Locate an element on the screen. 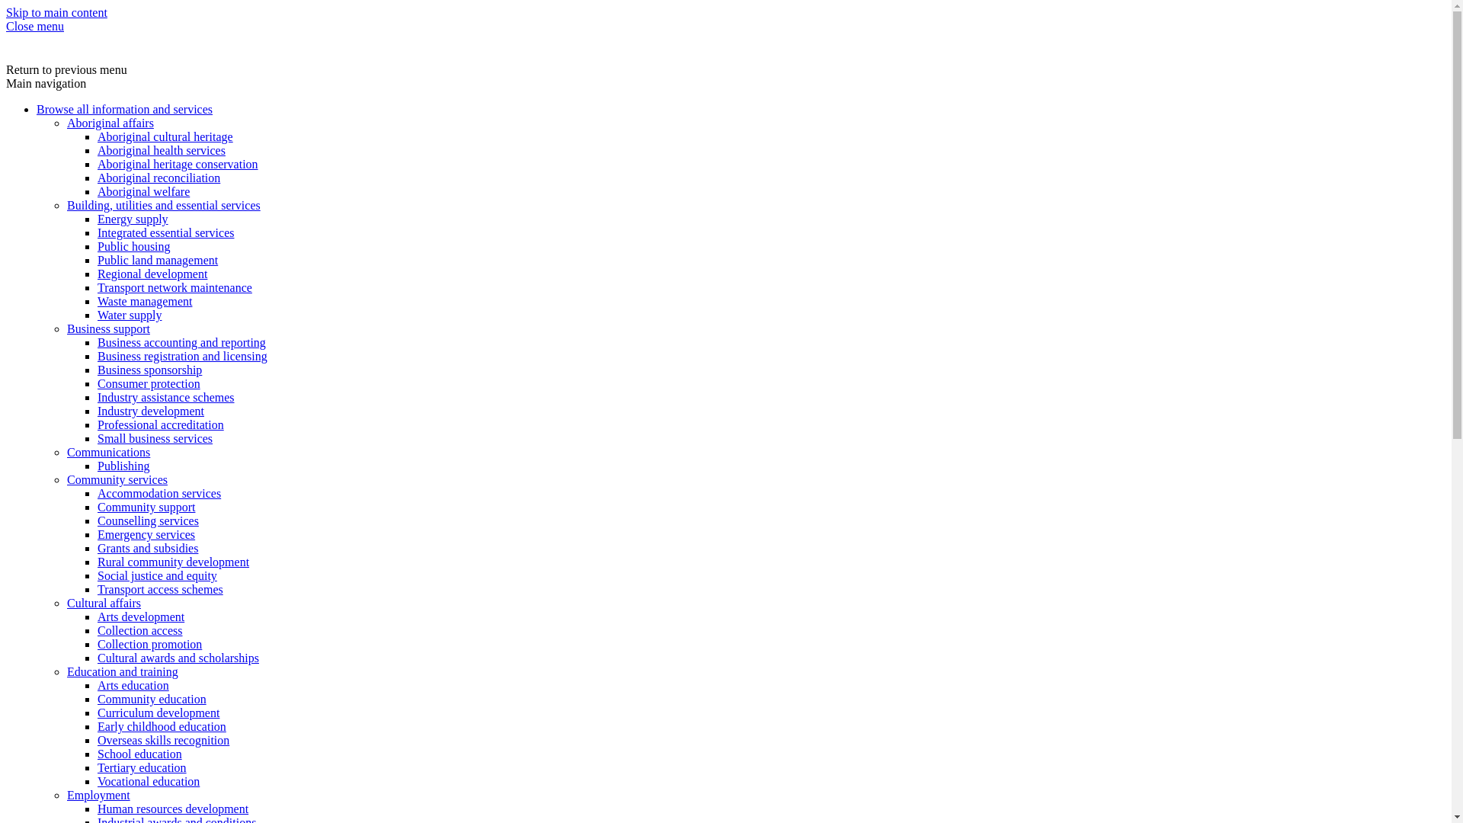  'Industry development' is located at coordinates (150, 410).